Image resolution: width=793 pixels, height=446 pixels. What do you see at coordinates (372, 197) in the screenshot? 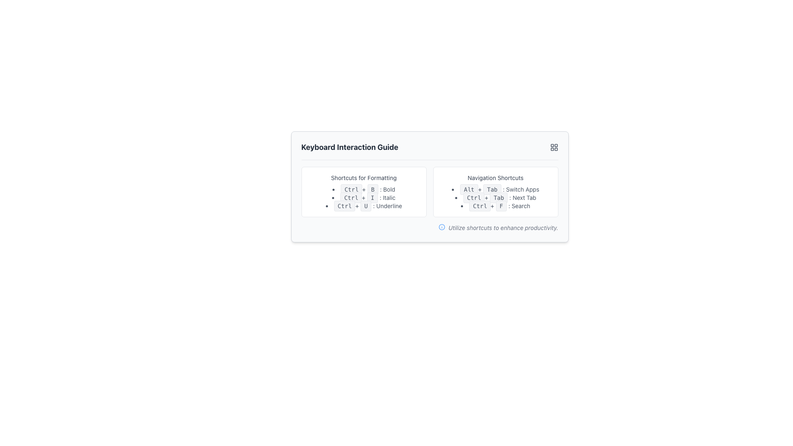
I see `the UI label representing the 'I' key in the keyboard shortcut instruction for italicizing text, located in the second shortcut instruction under 'Shortcuts for Formatting'` at bounding box center [372, 197].